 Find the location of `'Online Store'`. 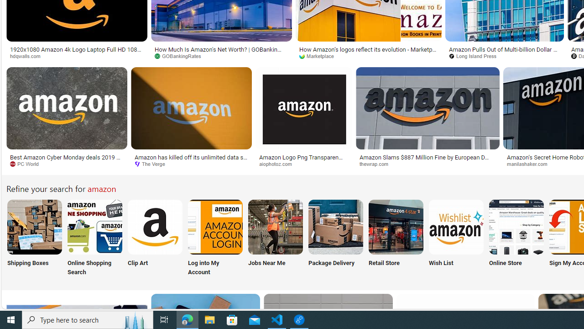

'Online Store' is located at coordinates (516, 238).